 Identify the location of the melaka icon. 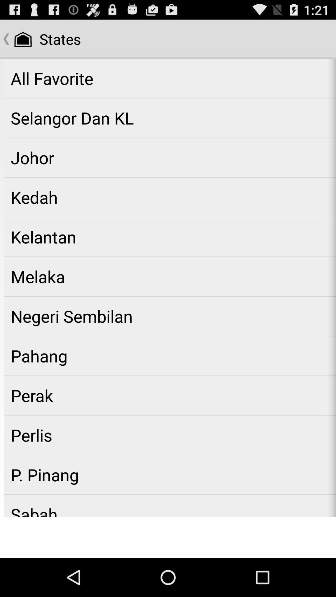
(170, 276).